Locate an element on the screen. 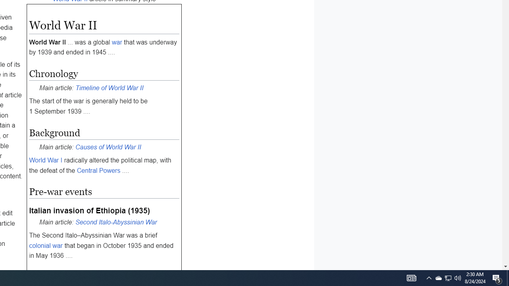 This screenshot has width=509, height=286. 'colonial war' is located at coordinates (45, 245).